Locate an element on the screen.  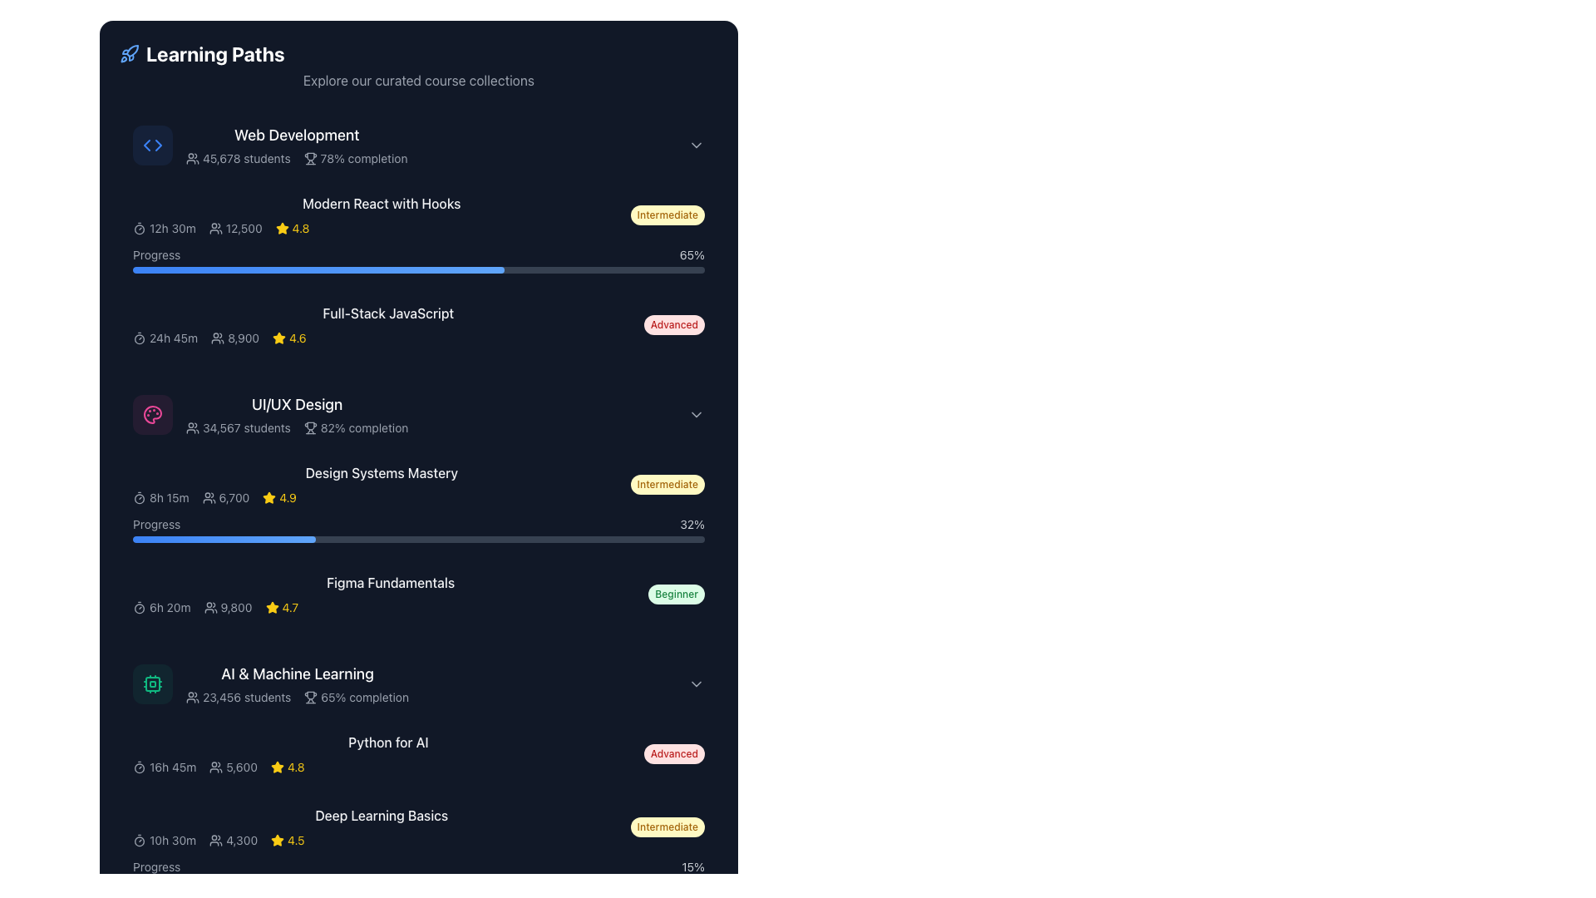
the icon representing the 'AI & Machine Learning' section, which is located to the left of the section title is located at coordinates (152, 683).